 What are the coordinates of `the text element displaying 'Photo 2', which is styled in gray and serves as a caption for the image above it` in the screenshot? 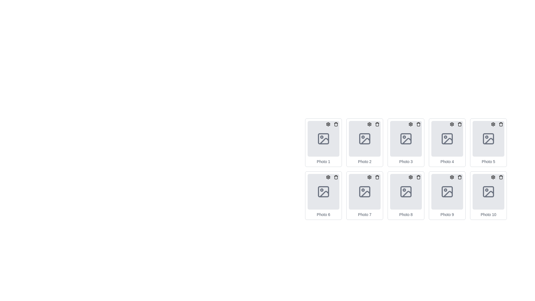 It's located at (365, 161).